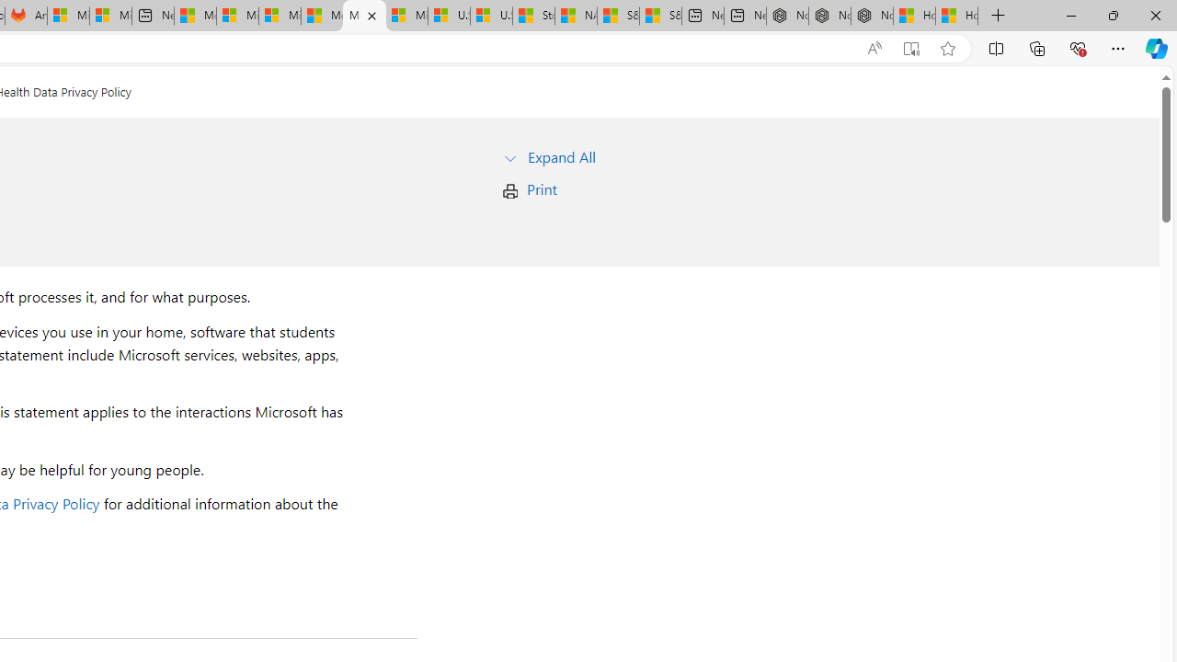 This screenshot has width=1177, height=662. Describe the element at coordinates (371, 16) in the screenshot. I see `'Close tab'` at that location.